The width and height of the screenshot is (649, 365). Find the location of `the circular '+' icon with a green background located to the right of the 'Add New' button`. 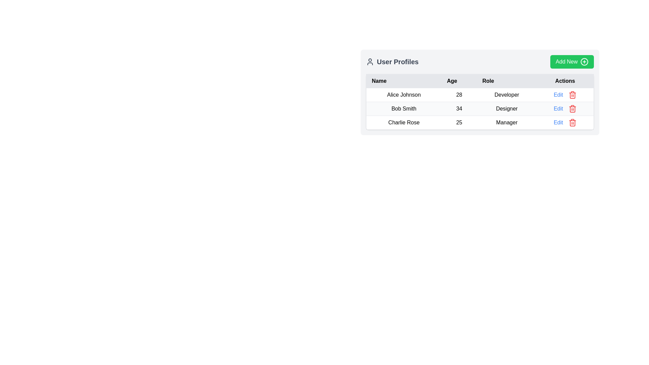

the circular '+' icon with a green background located to the right of the 'Add New' button is located at coordinates (584, 62).